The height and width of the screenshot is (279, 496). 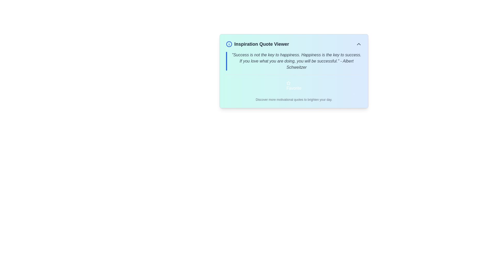 What do you see at coordinates (294, 71) in the screenshot?
I see `the navigation elements present in the 'Inspiration Quote Viewer' widget which features a motivational quote and a 'Favorite' button` at bounding box center [294, 71].